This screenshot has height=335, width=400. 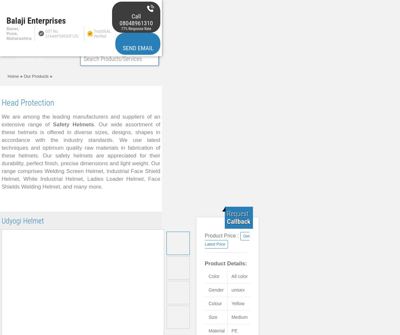 What do you see at coordinates (36, 21) in the screenshot?
I see `'Balaji Enterprises'` at bounding box center [36, 21].